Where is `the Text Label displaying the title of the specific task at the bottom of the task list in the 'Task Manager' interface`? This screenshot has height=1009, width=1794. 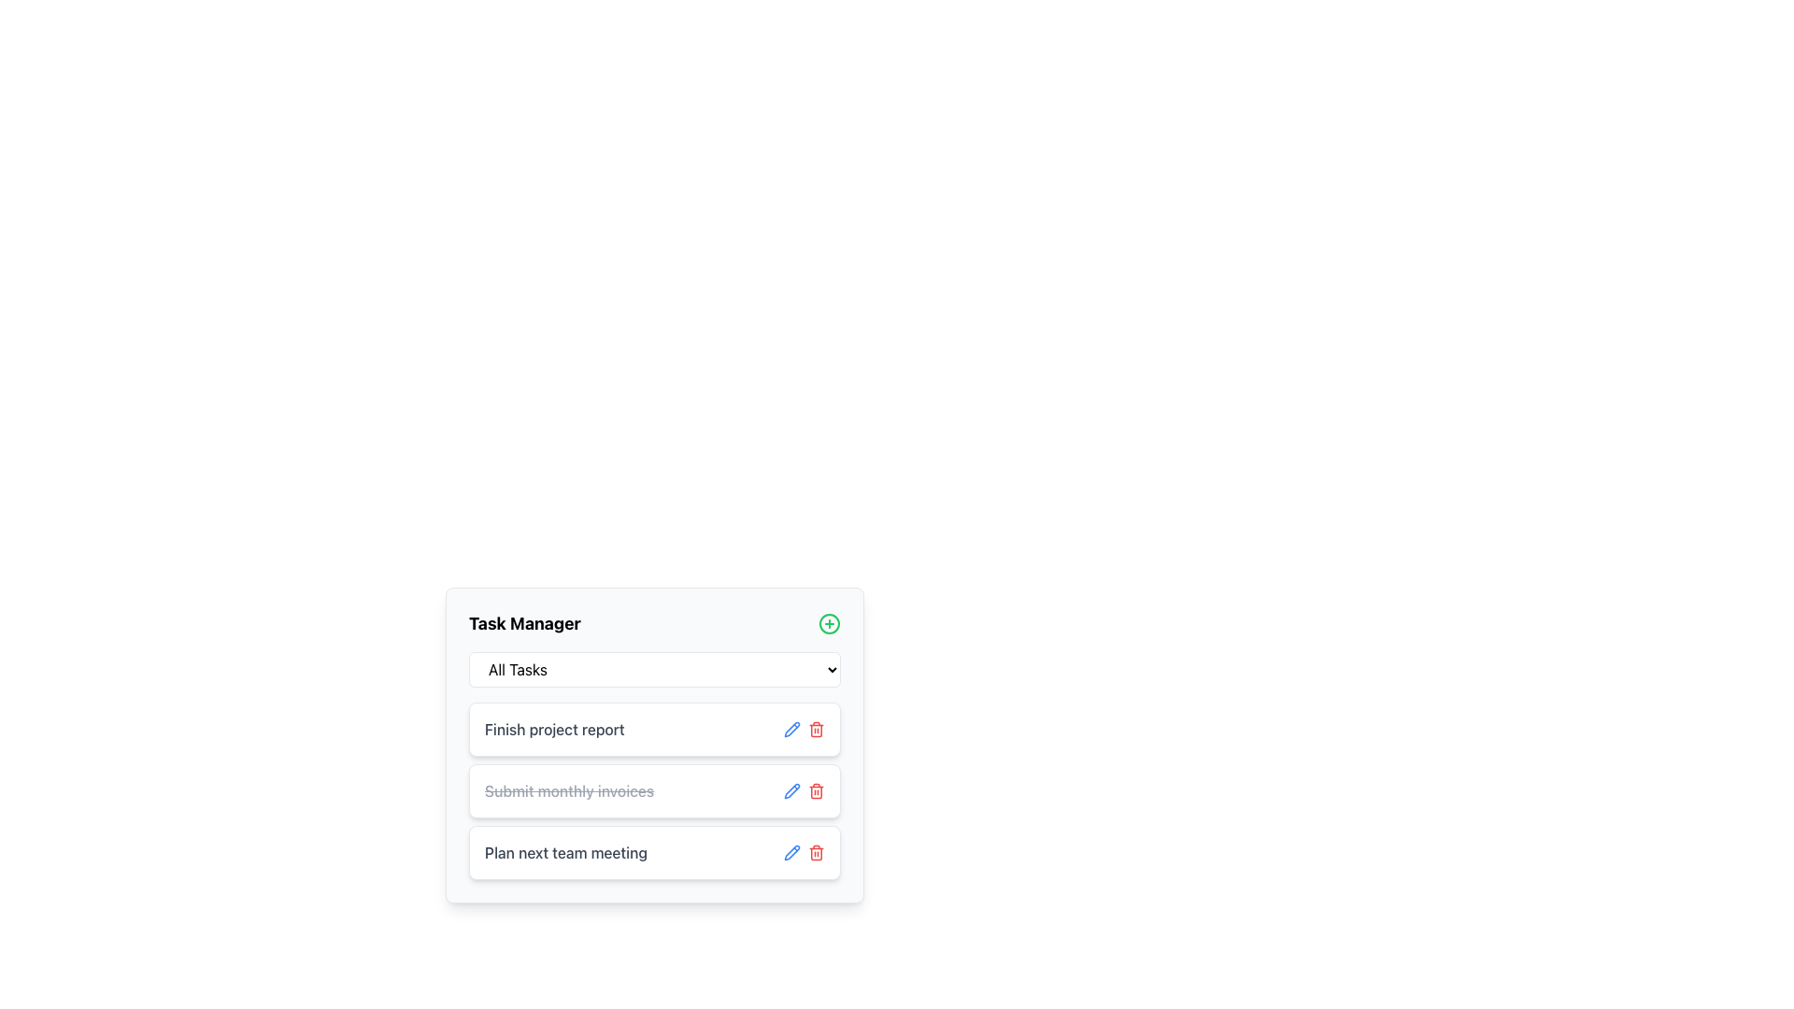
the Text Label displaying the title of the specific task at the bottom of the task list in the 'Task Manager' interface is located at coordinates (564, 853).